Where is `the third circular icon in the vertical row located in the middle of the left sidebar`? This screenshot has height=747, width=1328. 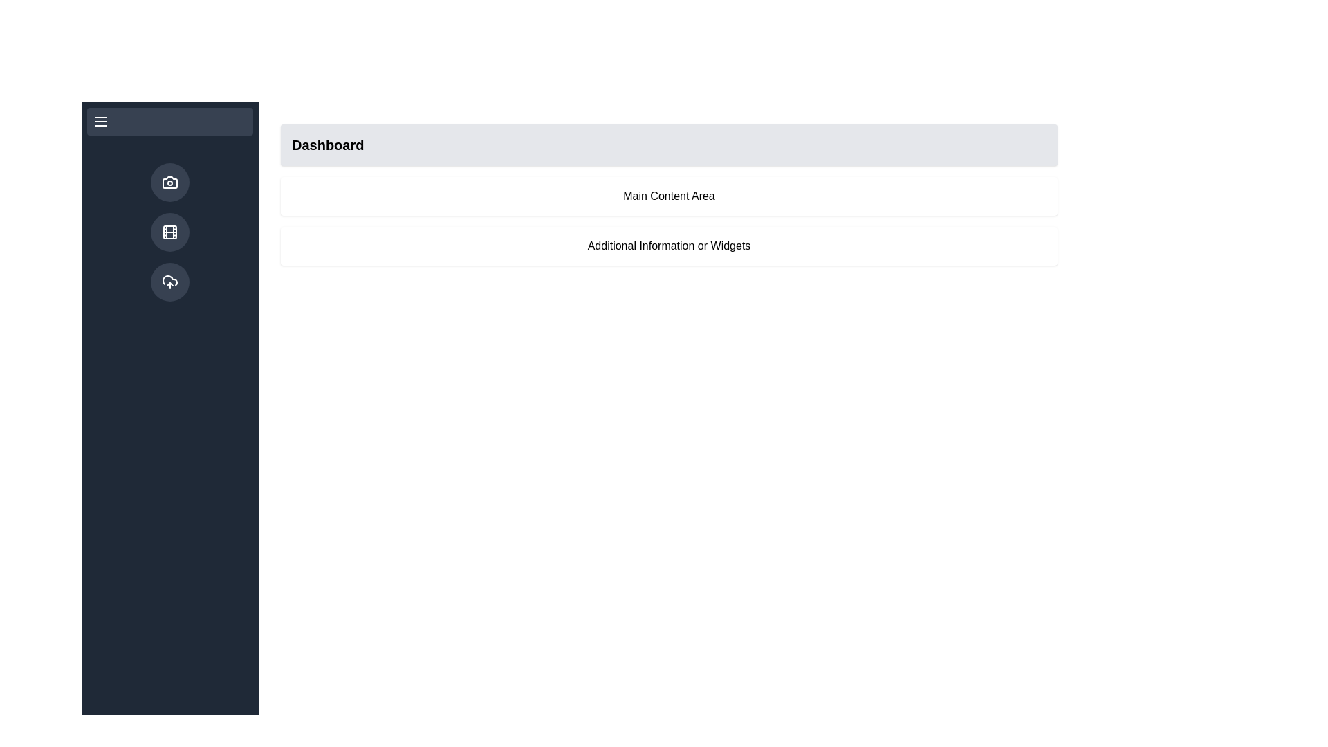
the third circular icon in the vertical row located in the middle of the left sidebar is located at coordinates (169, 282).